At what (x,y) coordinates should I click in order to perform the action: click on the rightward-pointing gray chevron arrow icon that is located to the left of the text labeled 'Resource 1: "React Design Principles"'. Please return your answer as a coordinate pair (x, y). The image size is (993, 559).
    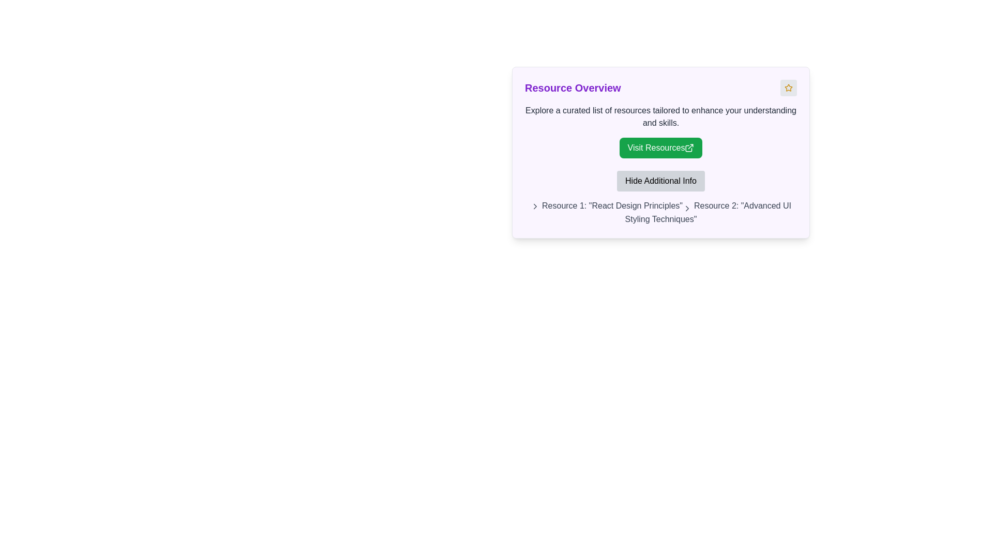
    Looking at the image, I should click on (535, 206).